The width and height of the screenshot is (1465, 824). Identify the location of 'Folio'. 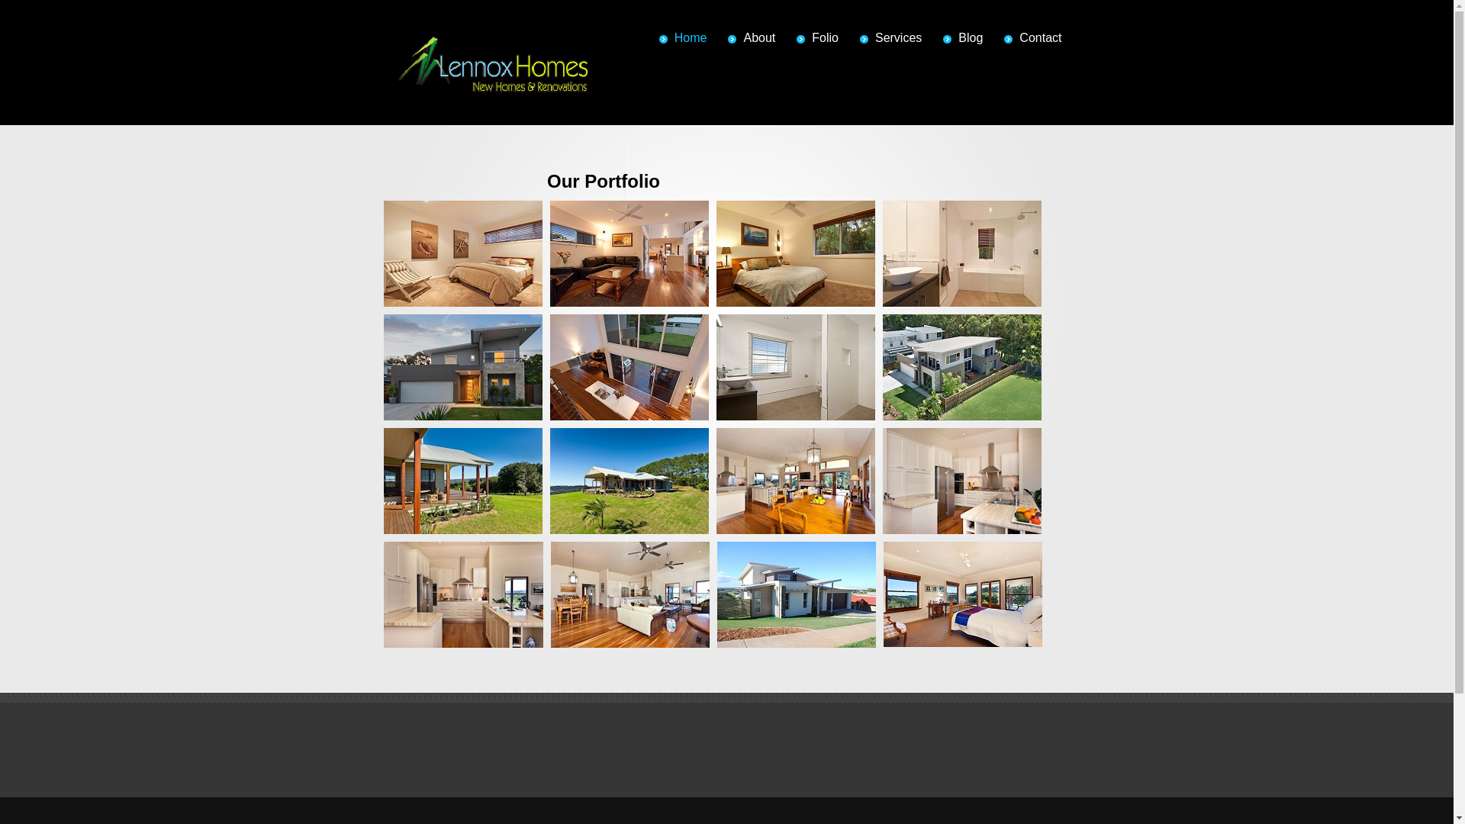
(816, 37).